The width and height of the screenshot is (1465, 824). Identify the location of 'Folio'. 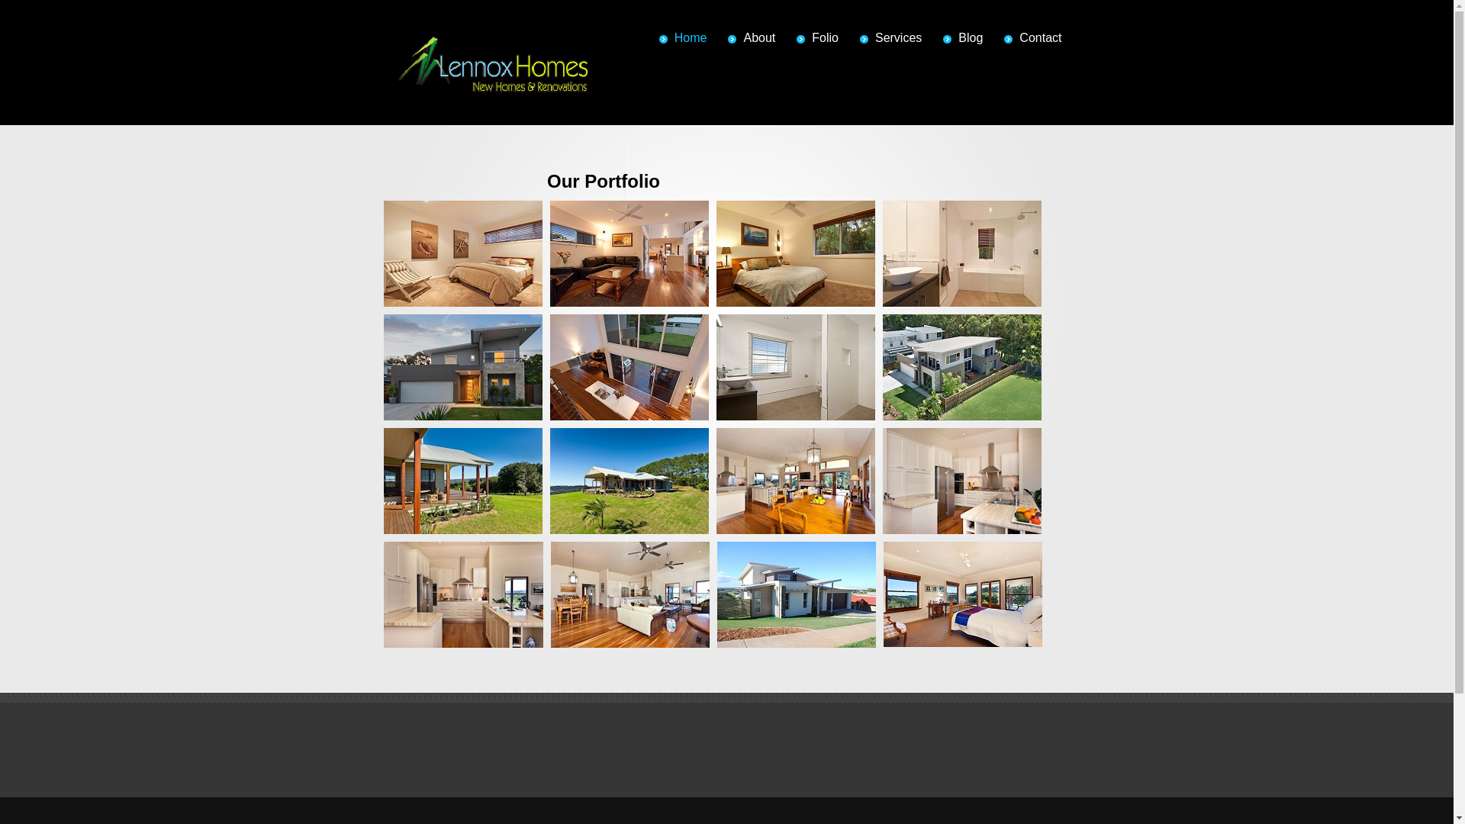
(816, 37).